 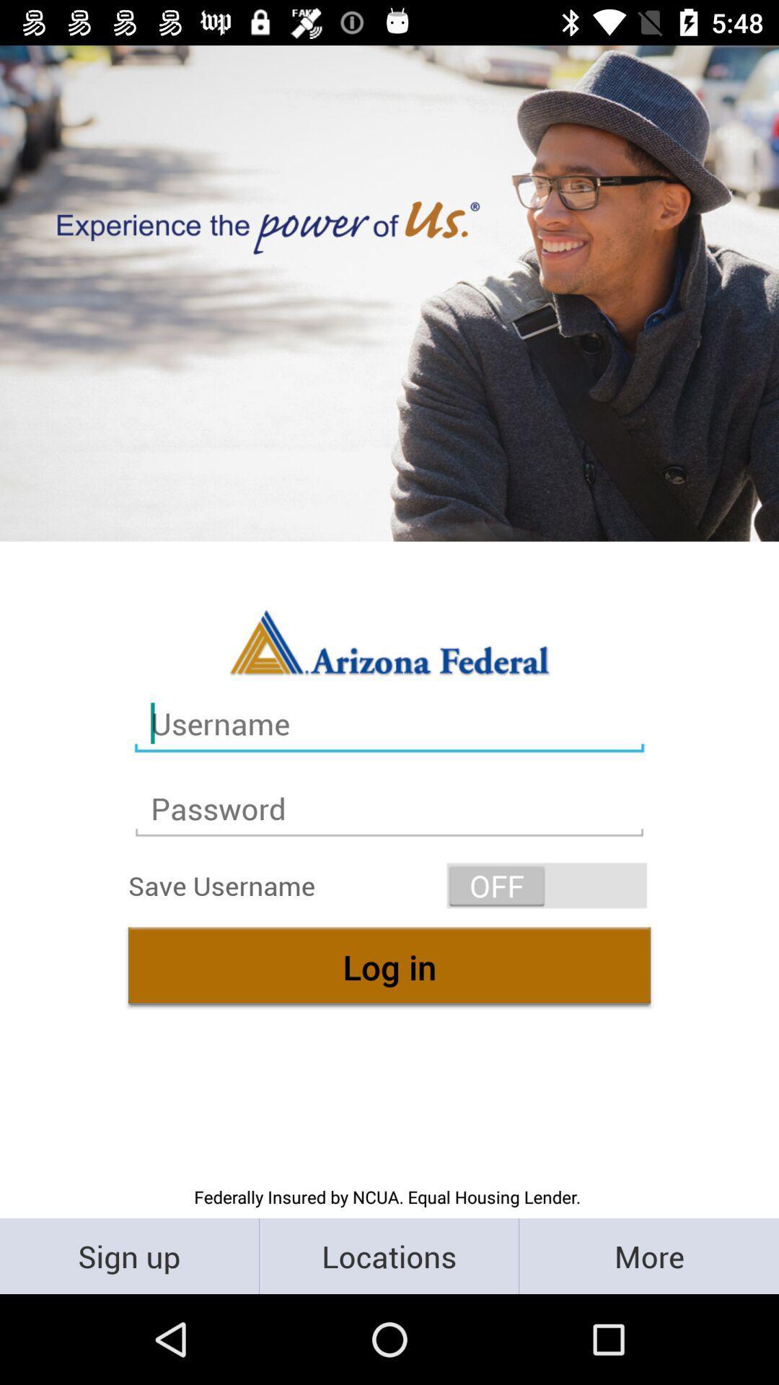 What do you see at coordinates (388, 1255) in the screenshot?
I see `the locations icon` at bounding box center [388, 1255].